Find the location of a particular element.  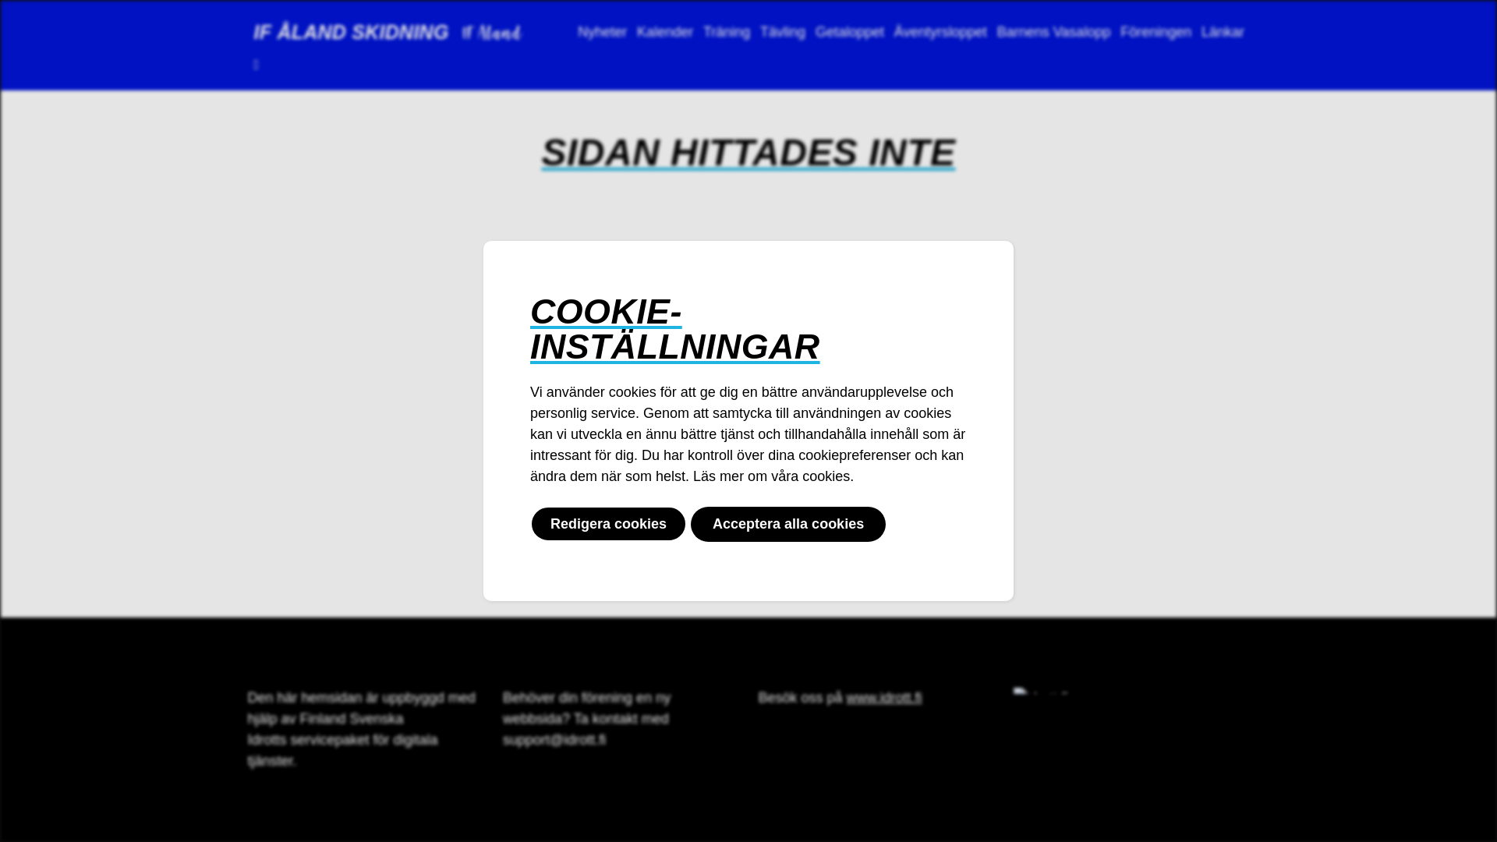

'Getaloppet' is located at coordinates (849, 32).